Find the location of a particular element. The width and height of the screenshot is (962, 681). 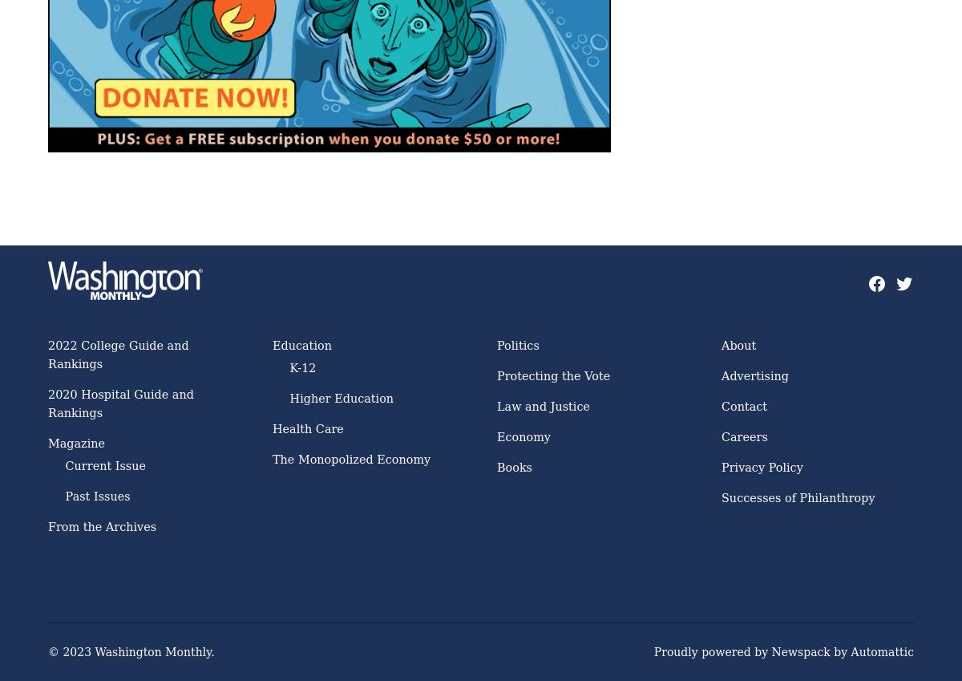

'Past Issues' is located at coordinates (97, 497).